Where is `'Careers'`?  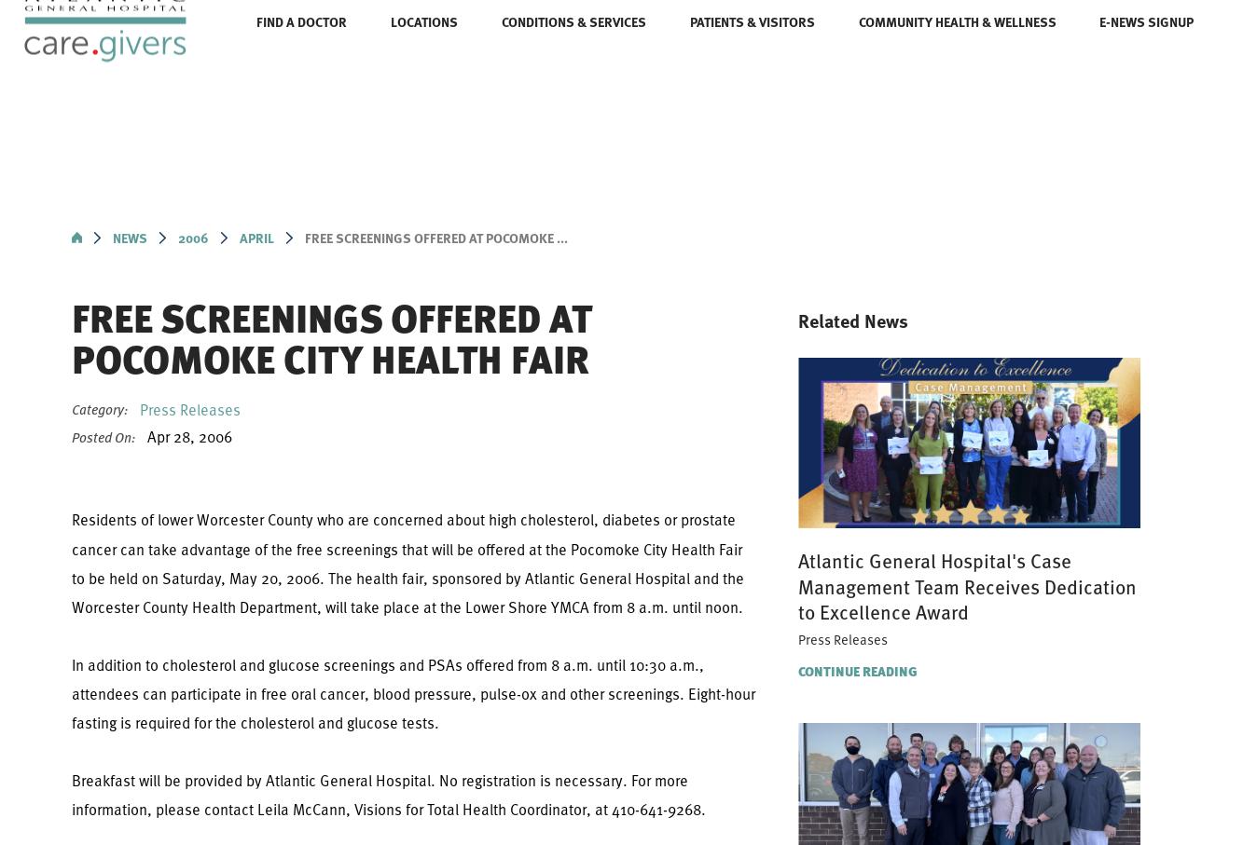 'Careers' is located at coordinates (385, 47).